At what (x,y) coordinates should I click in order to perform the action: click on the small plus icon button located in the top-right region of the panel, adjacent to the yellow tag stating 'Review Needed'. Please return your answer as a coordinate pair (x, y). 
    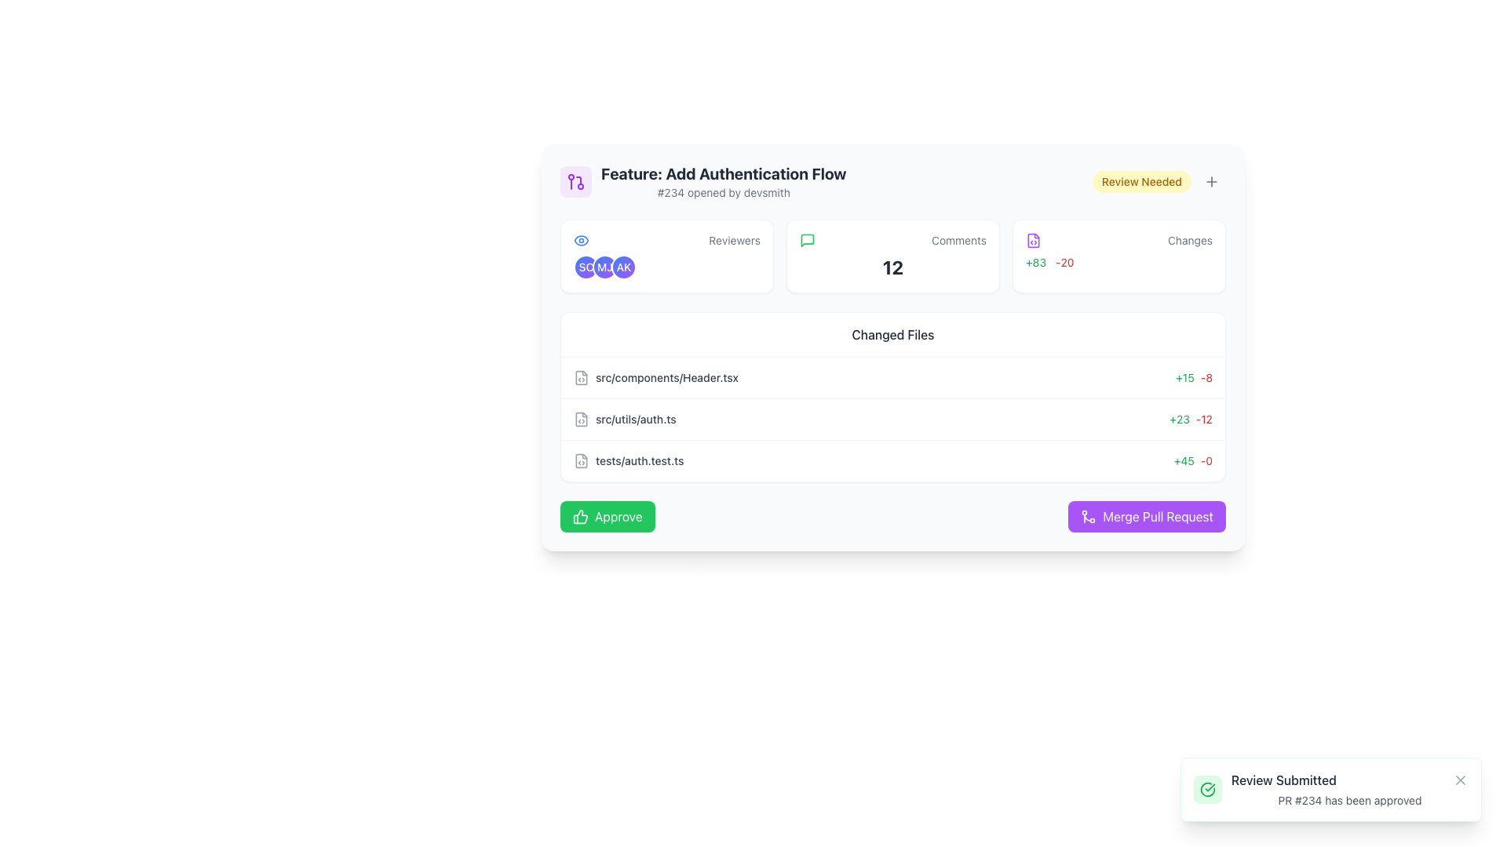
    Looking at the image, I should click on (1211, 180).